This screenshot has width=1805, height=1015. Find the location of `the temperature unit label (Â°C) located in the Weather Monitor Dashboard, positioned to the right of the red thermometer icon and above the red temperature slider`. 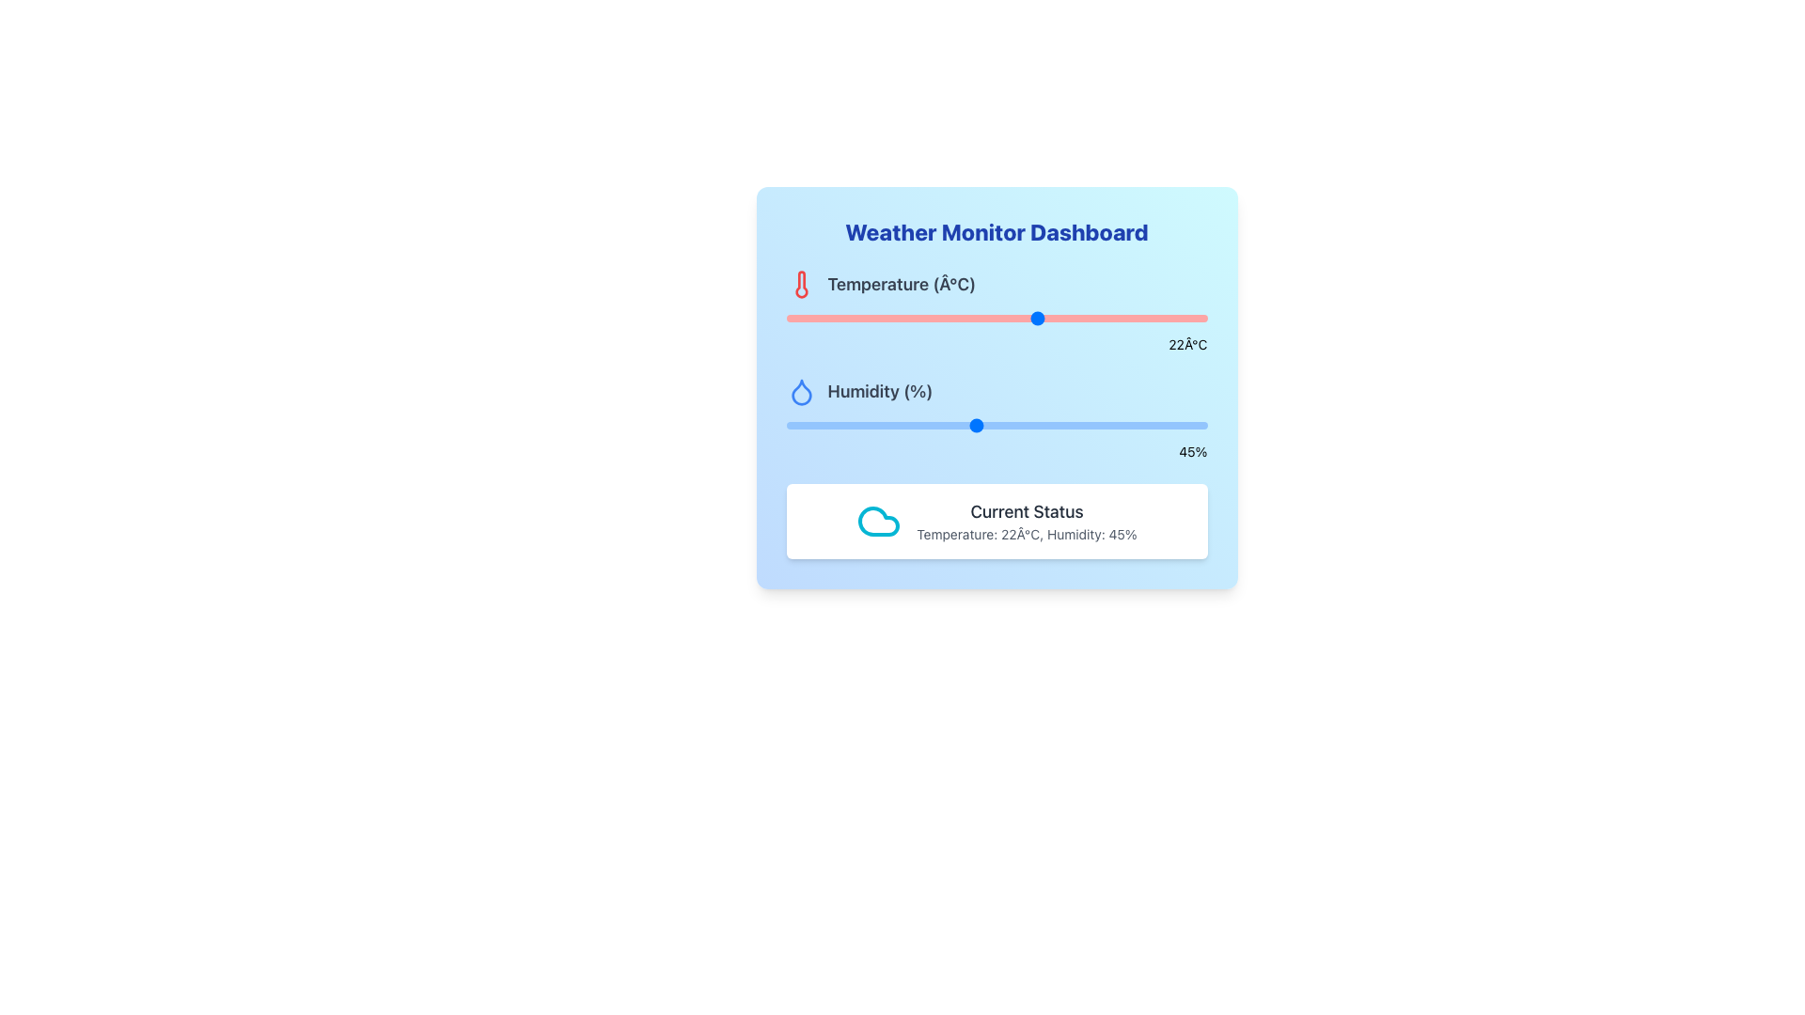

the temperature unit label (Â°C) located in the Weather Monitor Dashboard, positioned to the right of the red thermometer icon and above the red temperature slider is located at coordinates (901, 285).